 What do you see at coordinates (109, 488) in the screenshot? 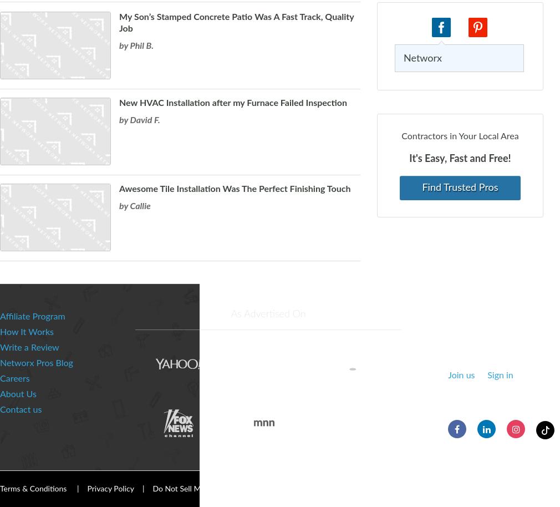
I see `'Privacy Policy'` at bounding box center [109, 488].